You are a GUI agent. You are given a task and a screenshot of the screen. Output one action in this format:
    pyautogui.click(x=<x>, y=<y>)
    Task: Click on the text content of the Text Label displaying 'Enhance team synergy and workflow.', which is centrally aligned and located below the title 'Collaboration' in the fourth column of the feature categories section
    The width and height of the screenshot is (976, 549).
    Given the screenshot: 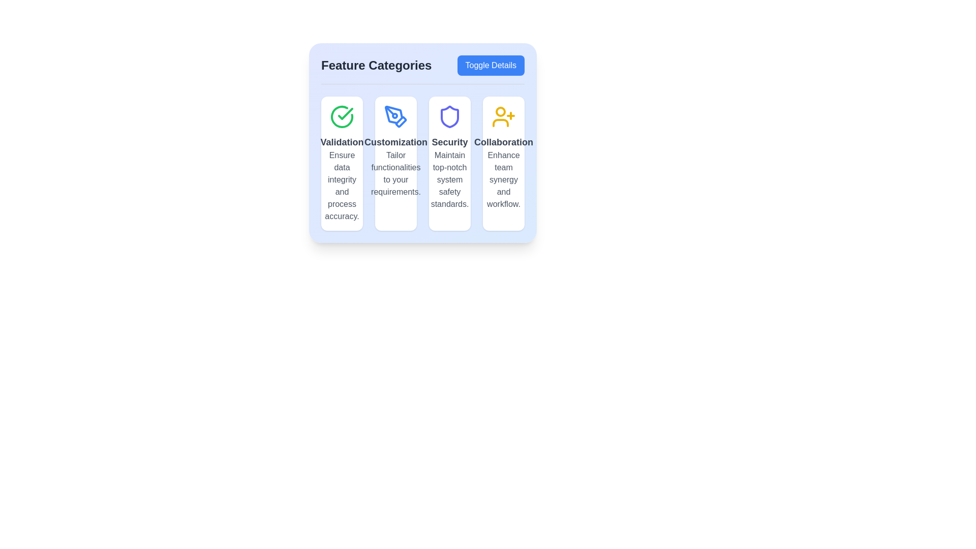 What is the action you would take?
    pyautogui.click(x=504, y=179)
    